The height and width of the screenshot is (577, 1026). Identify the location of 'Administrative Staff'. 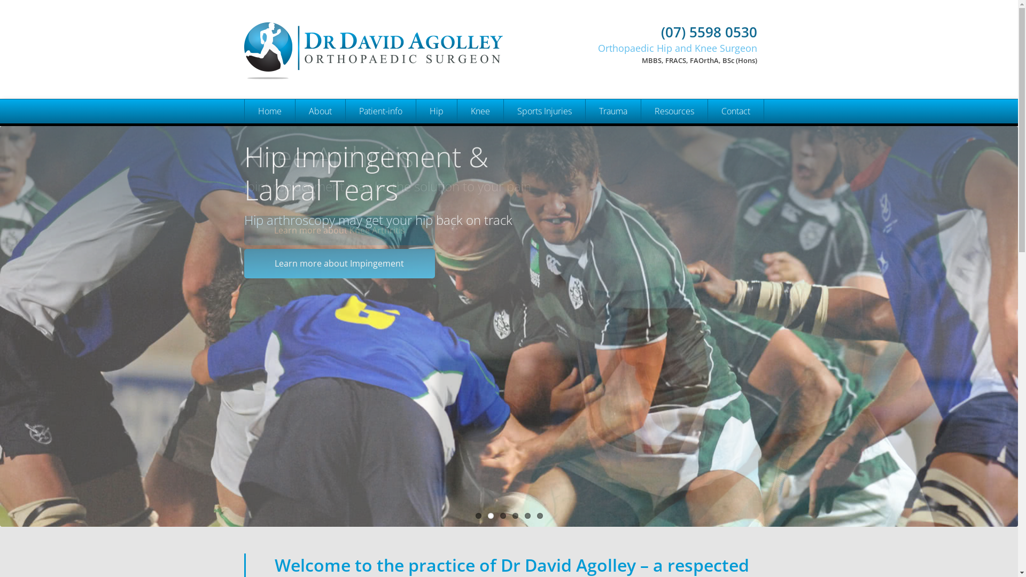
(320, 231).